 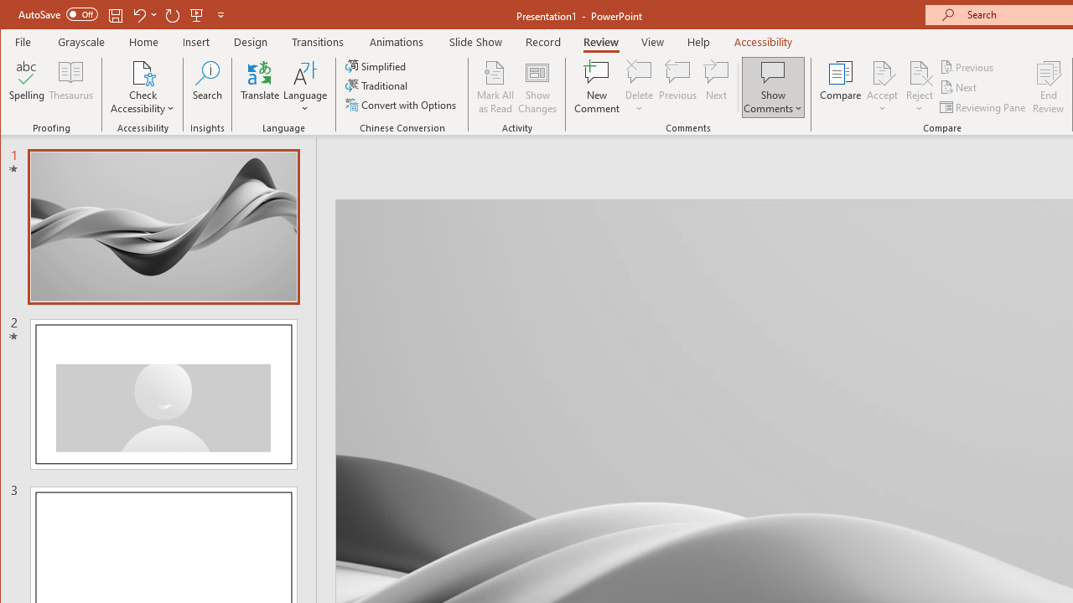 What do you see at coordinates (638, 87) in the screenshot?
I see `'Delete'` at bounding box center [638, 87].